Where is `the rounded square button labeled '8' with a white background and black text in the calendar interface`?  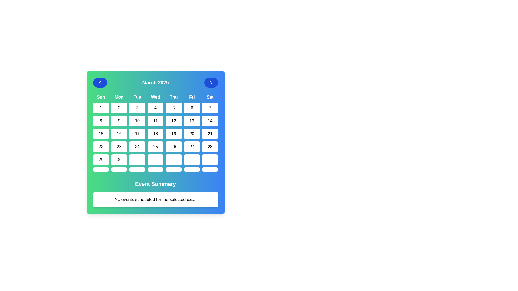
the rounded square button labeled '8' with a white background and black text in the calendar interface is located at coordinates (101, 120).